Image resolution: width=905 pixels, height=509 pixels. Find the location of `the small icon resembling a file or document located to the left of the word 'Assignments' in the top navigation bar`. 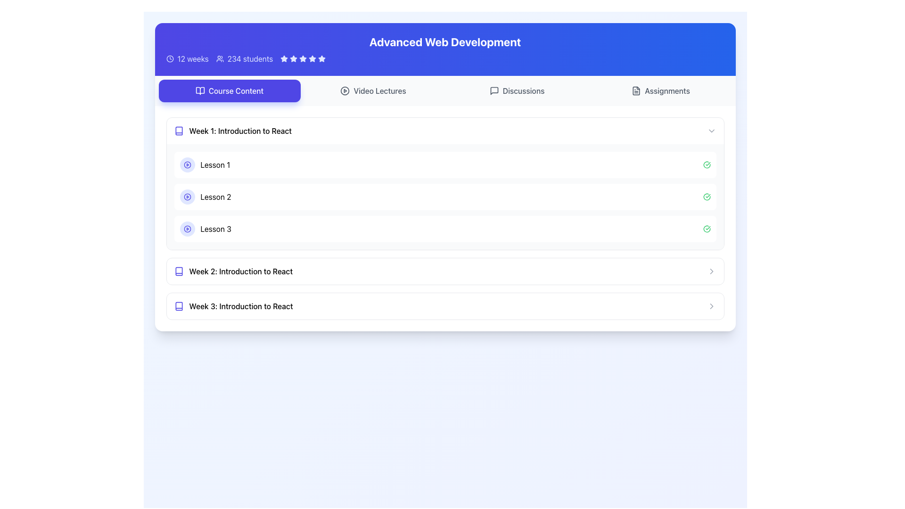

the small icon resembling a file or document located to the left of the word 'Assignments' in the top navigation bar is located at coordinates (636, 90).